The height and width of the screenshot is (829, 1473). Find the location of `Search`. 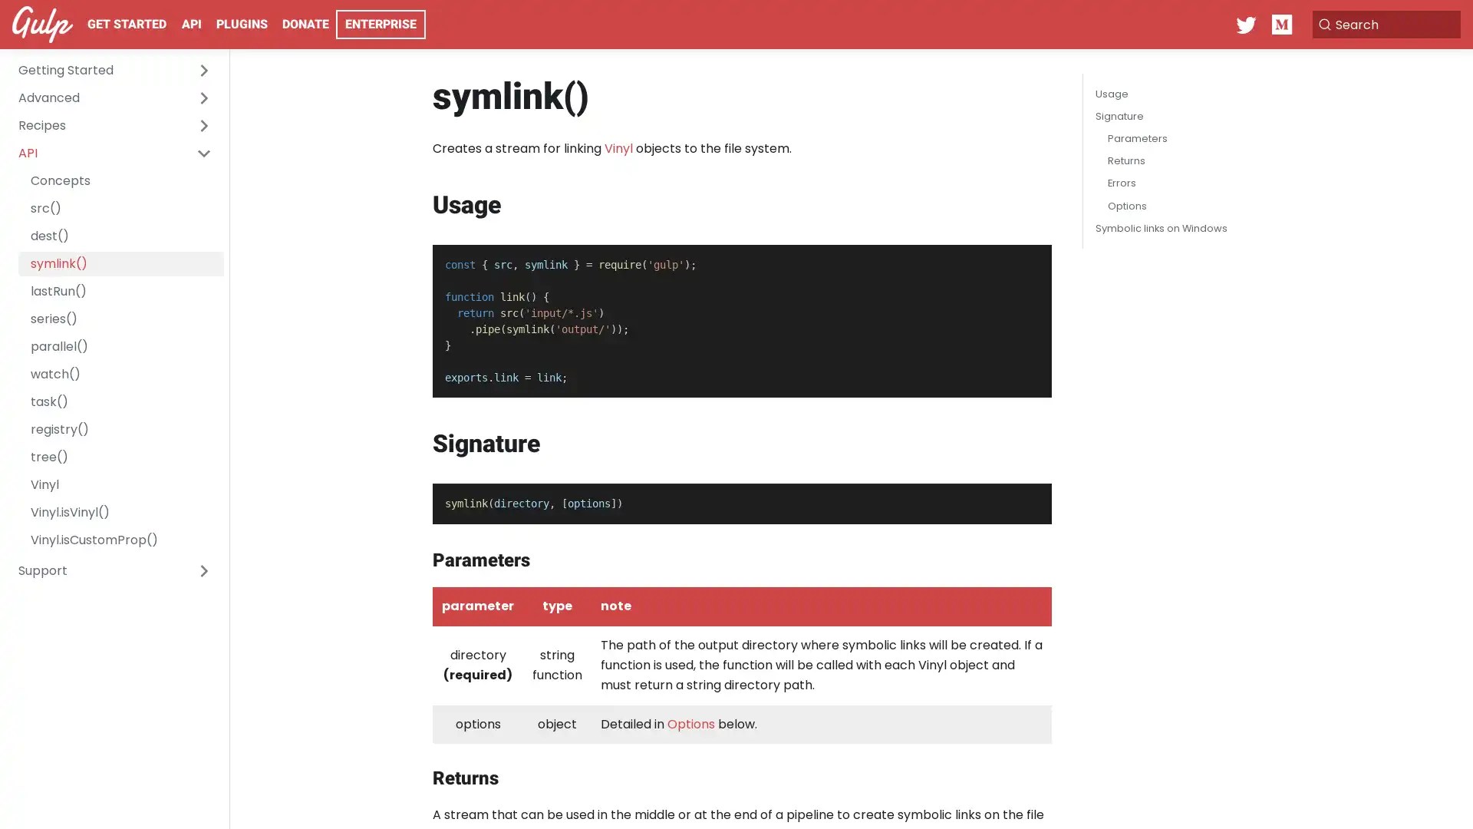

Search is located at coordinates (1384, 24).